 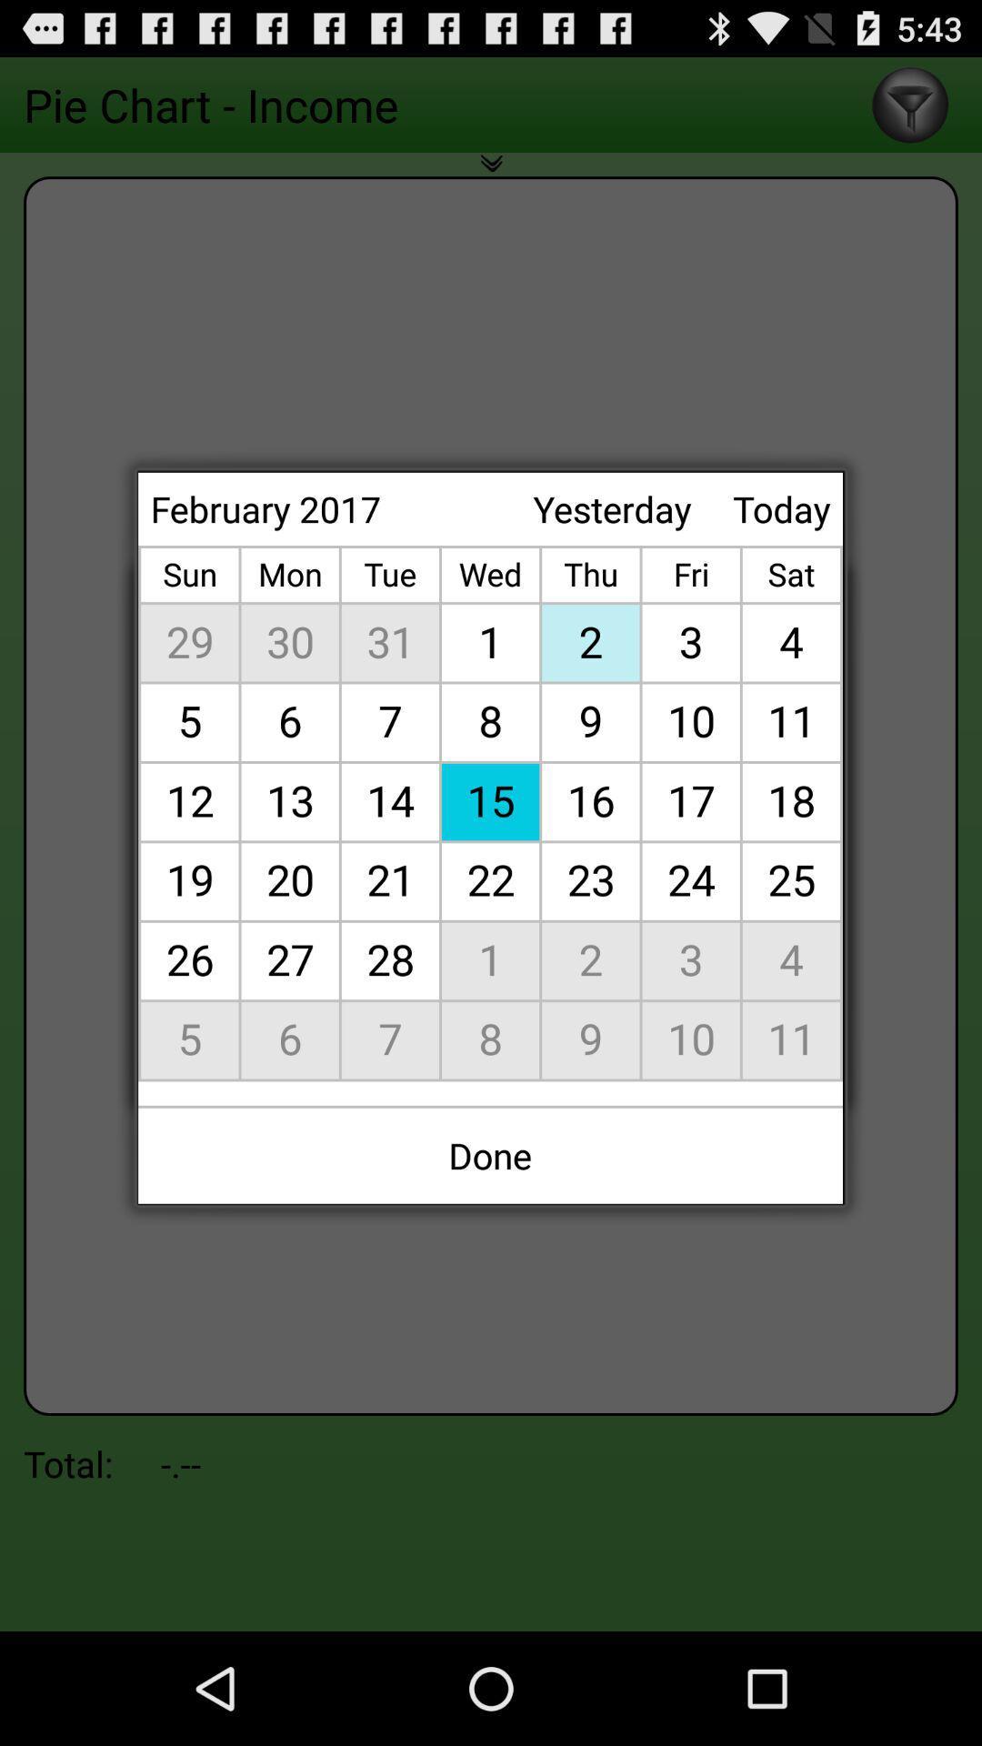 What do you see at coordinates (612, 508) in the screenshot?
I see `item to the right of february 2017 app` at bounding box center [612, 508].